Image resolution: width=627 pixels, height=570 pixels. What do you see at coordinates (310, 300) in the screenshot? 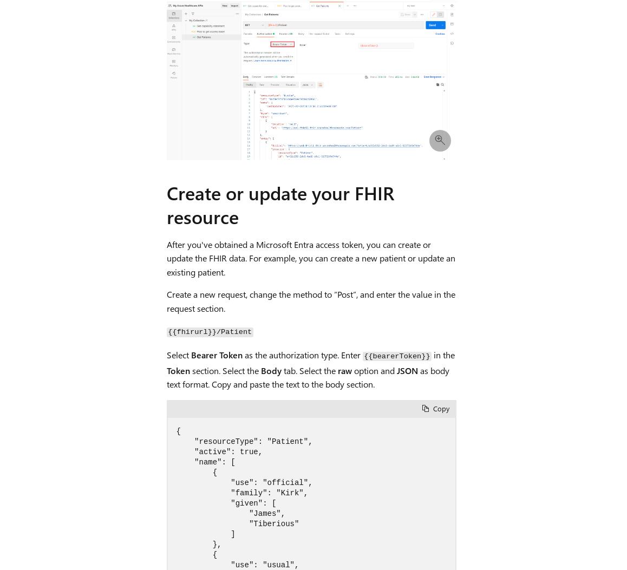
I see `'Create a new request, change the method to “Post”, and enter the value in the request section.'` at bounding box center [310, 300].